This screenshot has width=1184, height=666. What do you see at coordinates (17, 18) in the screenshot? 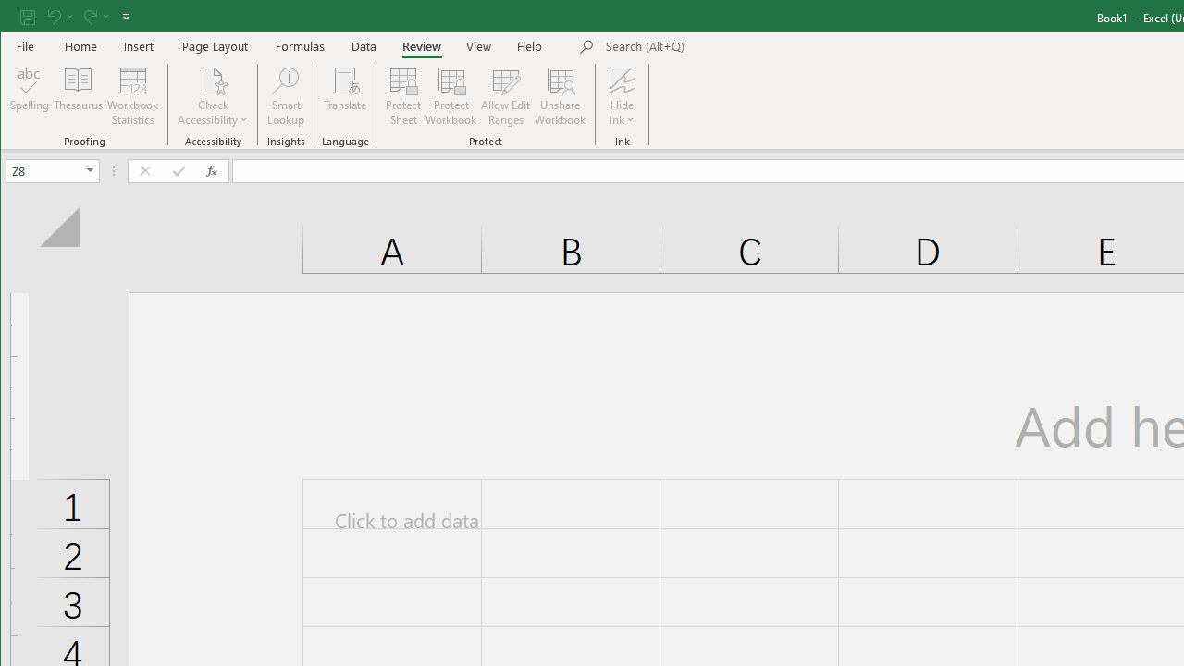
I see `'System'` at bounding box center [17, 18].